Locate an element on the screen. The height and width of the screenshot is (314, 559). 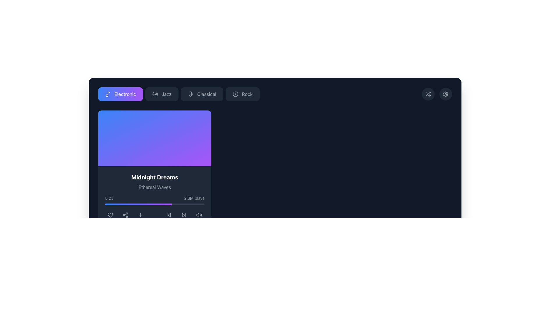
the button containing the musical note icon, which is located within the 'Electronic' button that has a gradient background transitioning from blue to purple is located at coordinates (109, 93).